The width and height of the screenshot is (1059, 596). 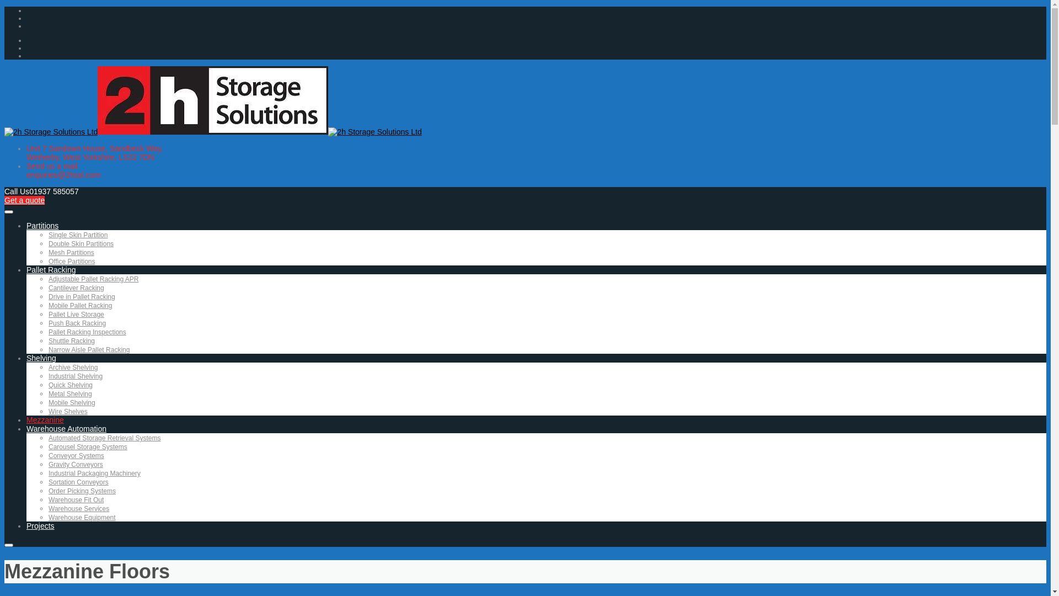 I want to click on 'Archive Shelving', so click(x=72, y=368).